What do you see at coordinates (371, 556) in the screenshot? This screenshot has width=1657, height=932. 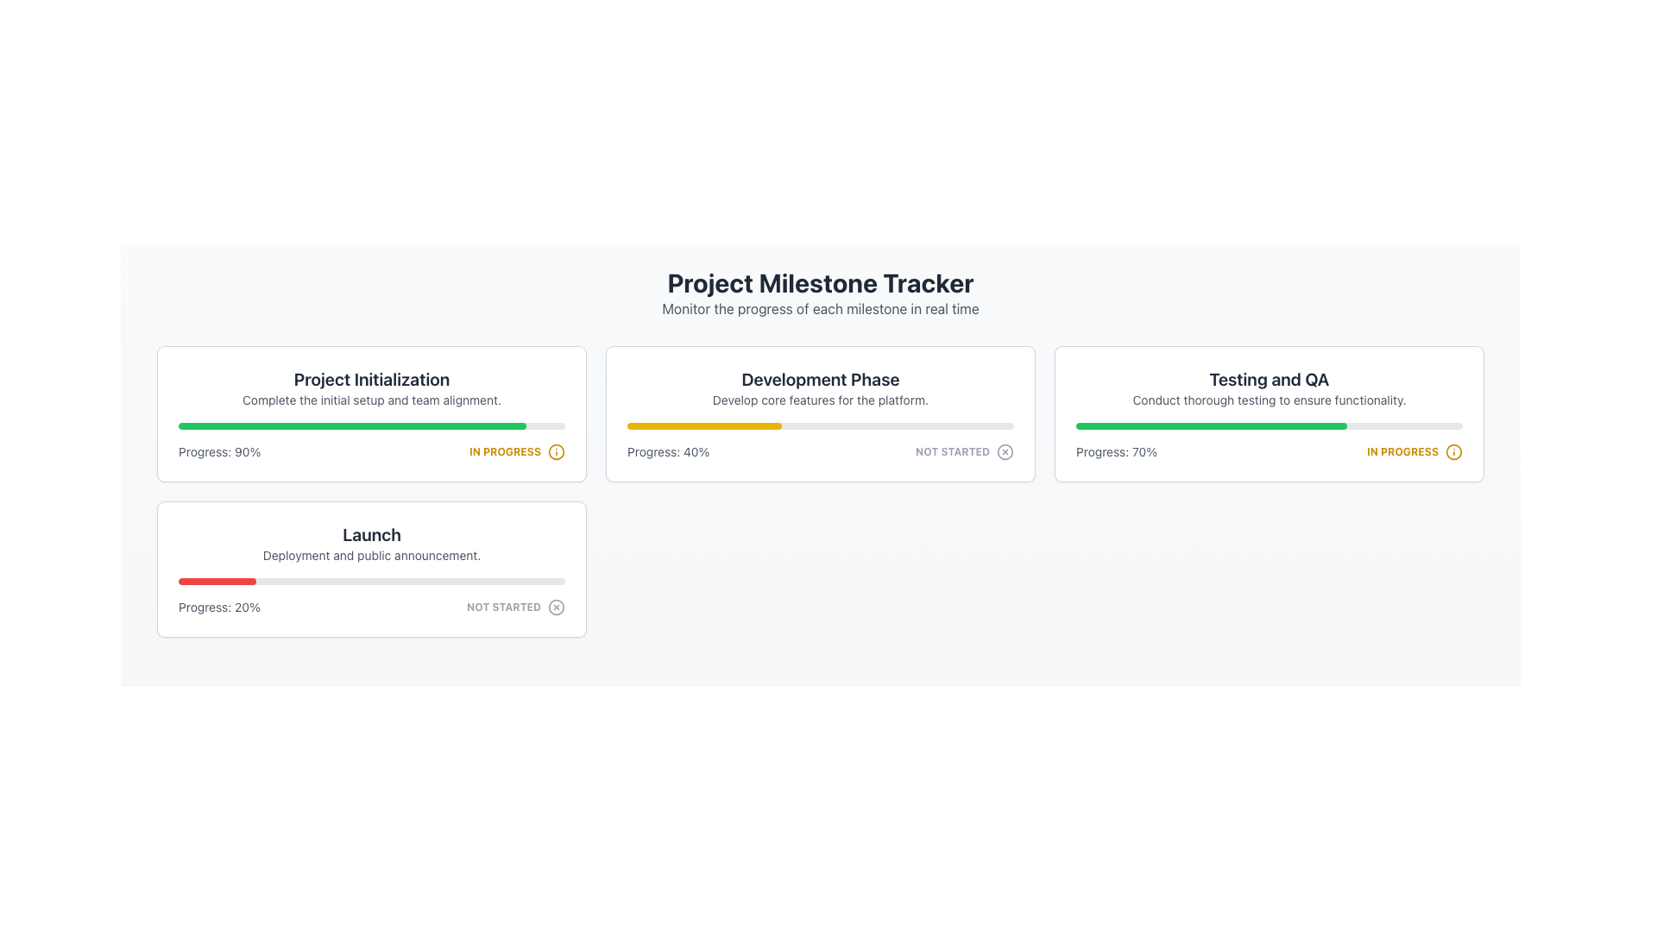 I see `textual information labeled 'Deployment and public announcement.' which is styled in light gray and positioned below the 'Launch' header` at bounding box center [371, 556].